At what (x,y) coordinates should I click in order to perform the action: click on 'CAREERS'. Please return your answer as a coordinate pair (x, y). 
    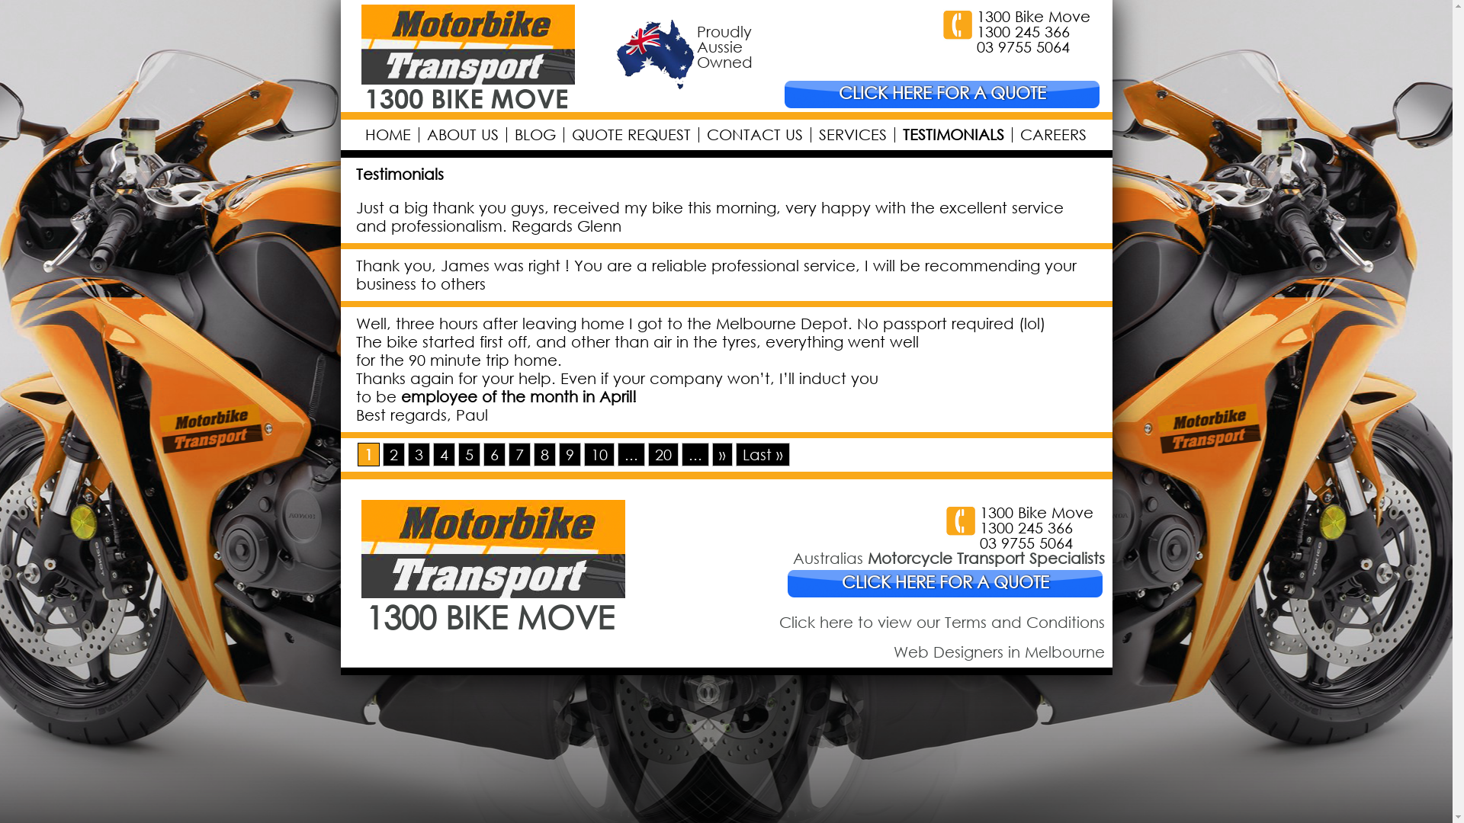
    Looking at the image, I should click on (1010, 134).